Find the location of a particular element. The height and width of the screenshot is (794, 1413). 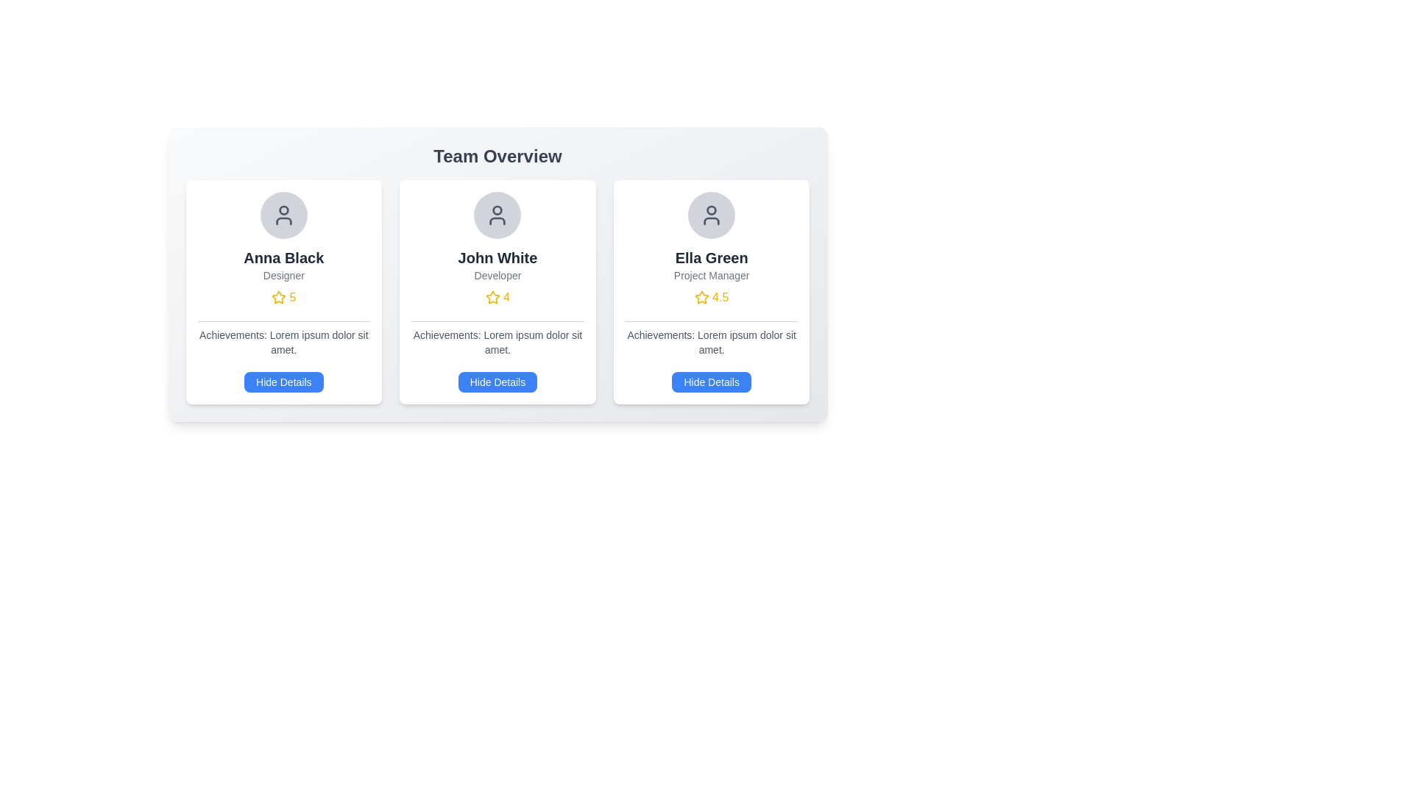

information displayed in the Text component featuring Ella Green's name, job title as Project Manager, and a rating of 4.5 with a star icon is located at coordinates (712, 277).